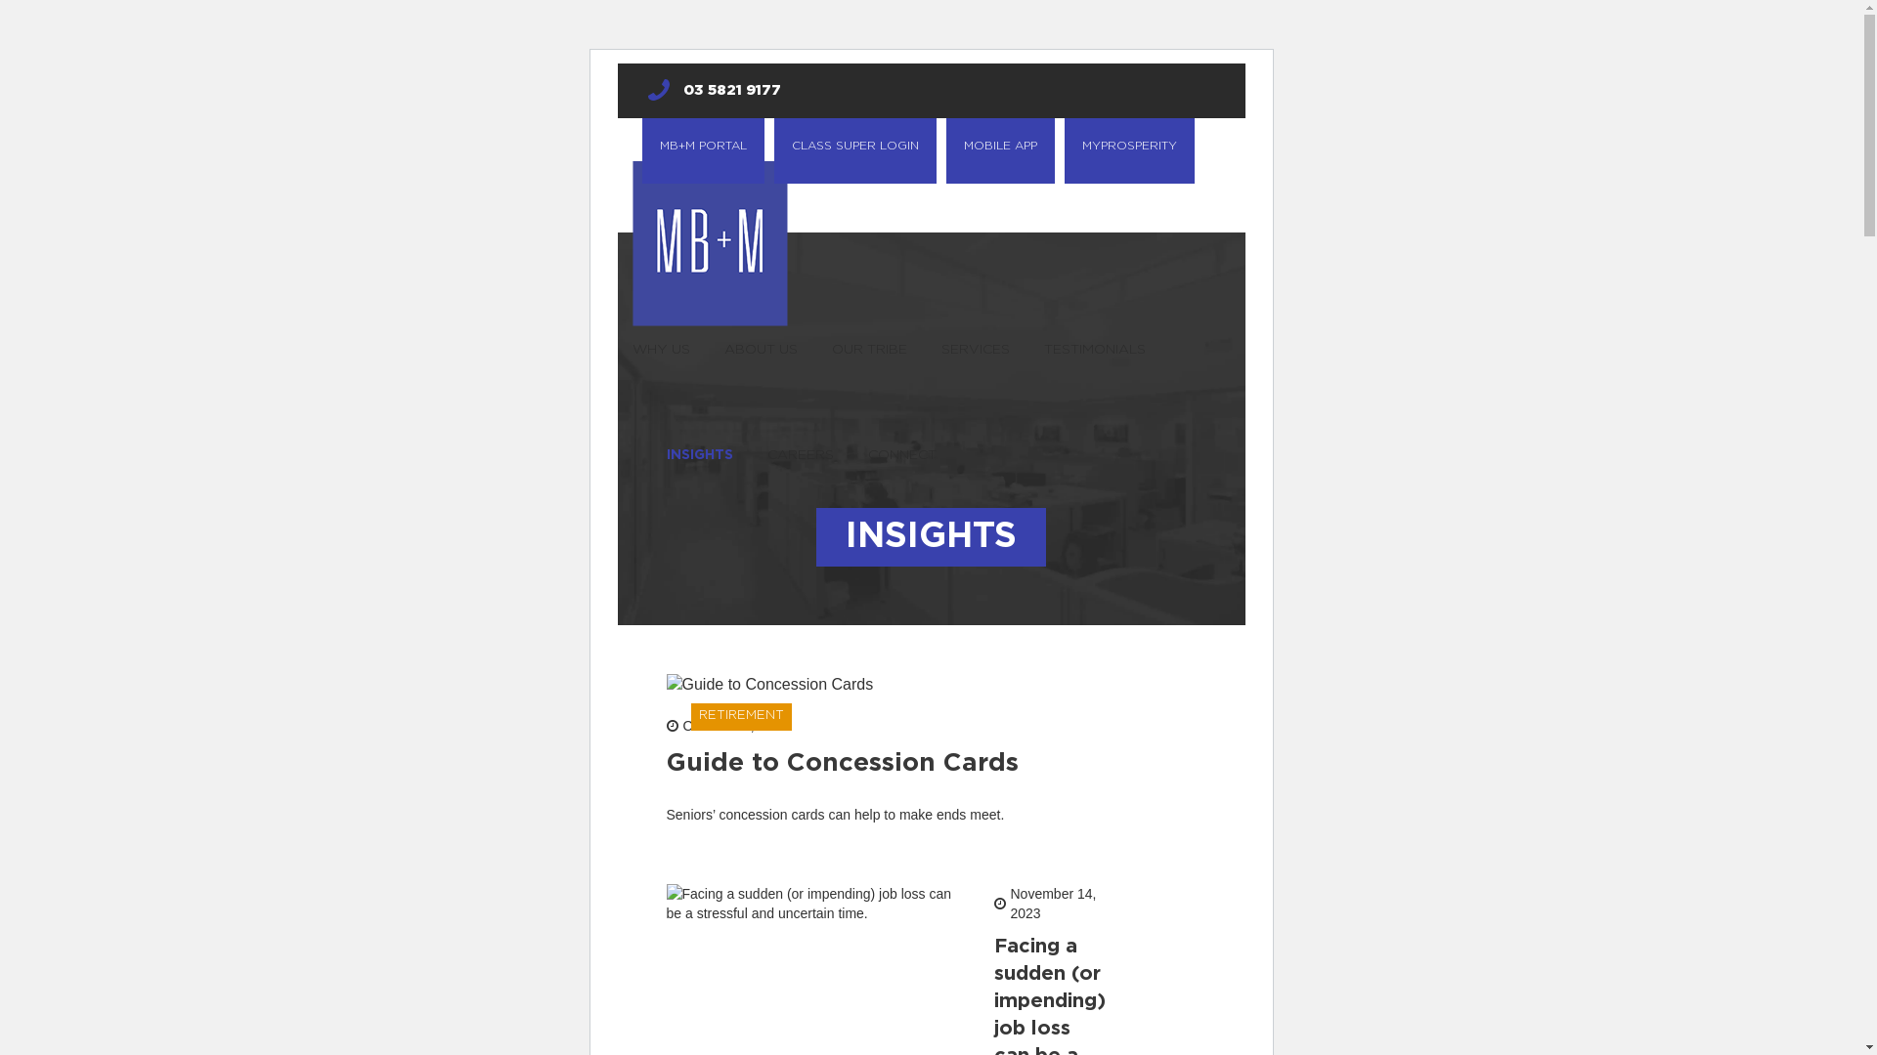  Describe the element at coordinates (666, 455) in the screenshot. I see `'INSIGHTS'` at that location.